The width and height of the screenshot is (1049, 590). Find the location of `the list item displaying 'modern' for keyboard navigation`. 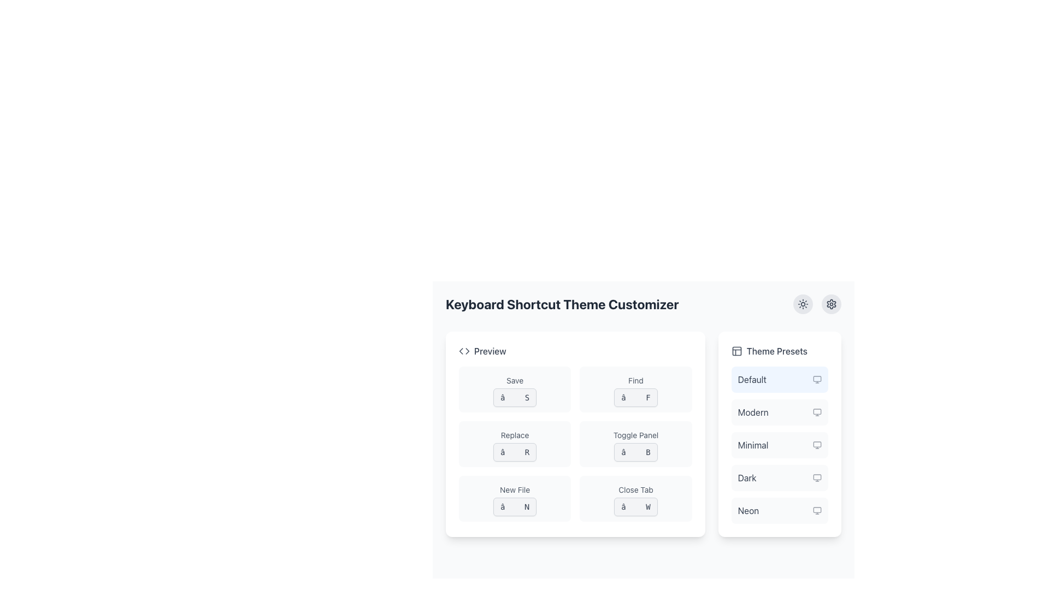

the list item displaying 'modern' for keyboard navigation is located at coordinates (779, 412).